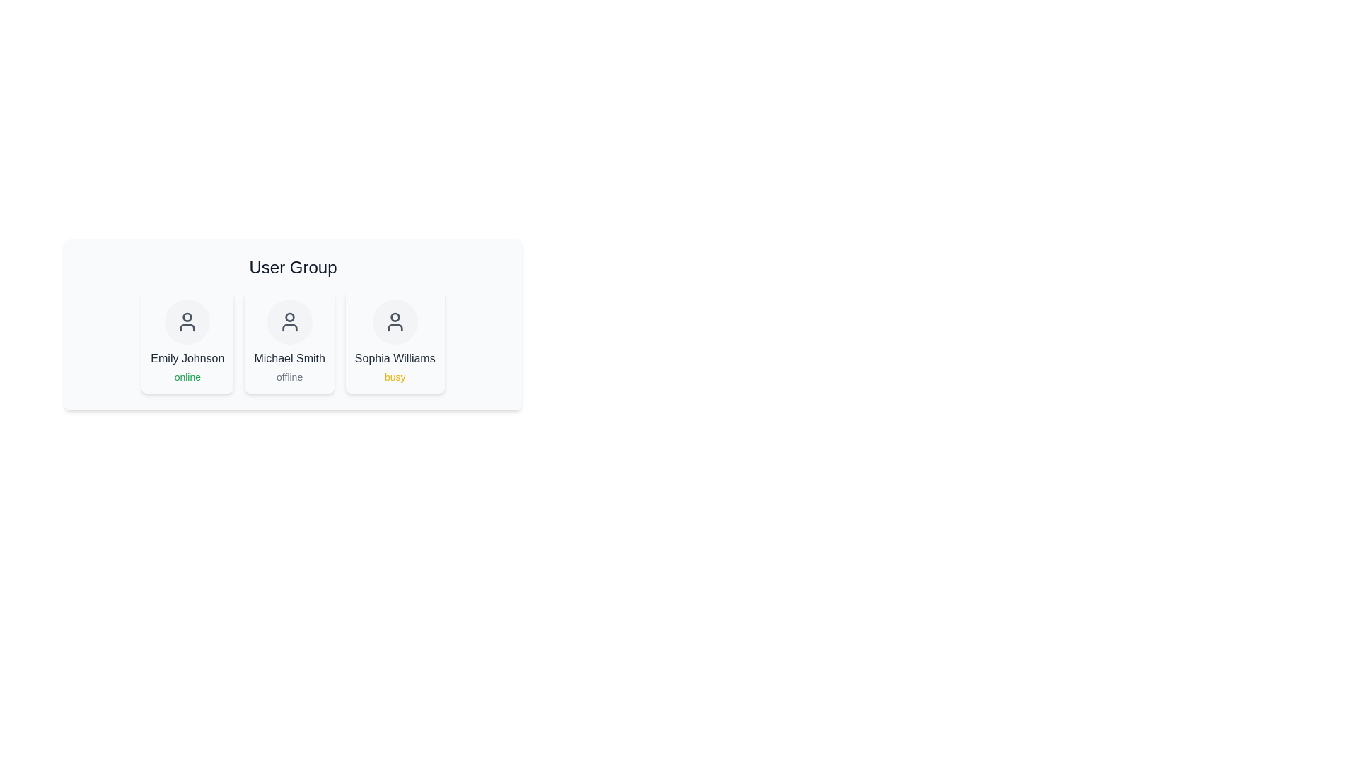 The height and width of the screenshot is (763, 1358). I want to click on the Text label displaying the user name 'Michael Smith', which is located below the user icon in the middle user card and above the 'offline' status text, so click(289, 358).